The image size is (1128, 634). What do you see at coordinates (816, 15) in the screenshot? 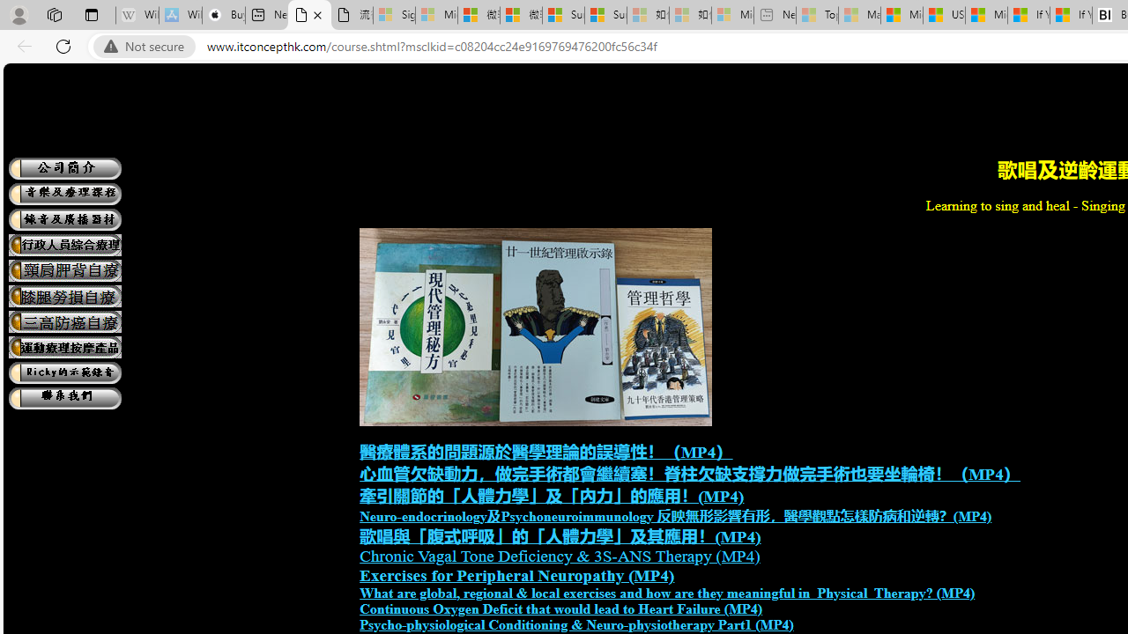
I see `'Top Stories - MSN - Sleeping'` at bounding box center [816, 15].